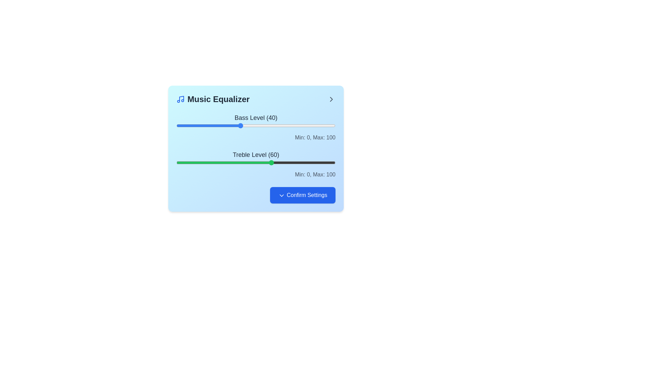 The height and width of the screenshot is (370, 658). I want to click on the Bass Level slider, so click(316, 125).